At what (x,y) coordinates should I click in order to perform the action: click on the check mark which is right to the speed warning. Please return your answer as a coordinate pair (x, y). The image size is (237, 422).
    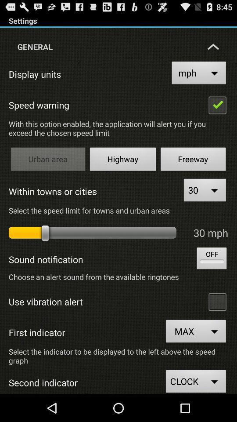
    Looking at the image, I should click on (217, 105).